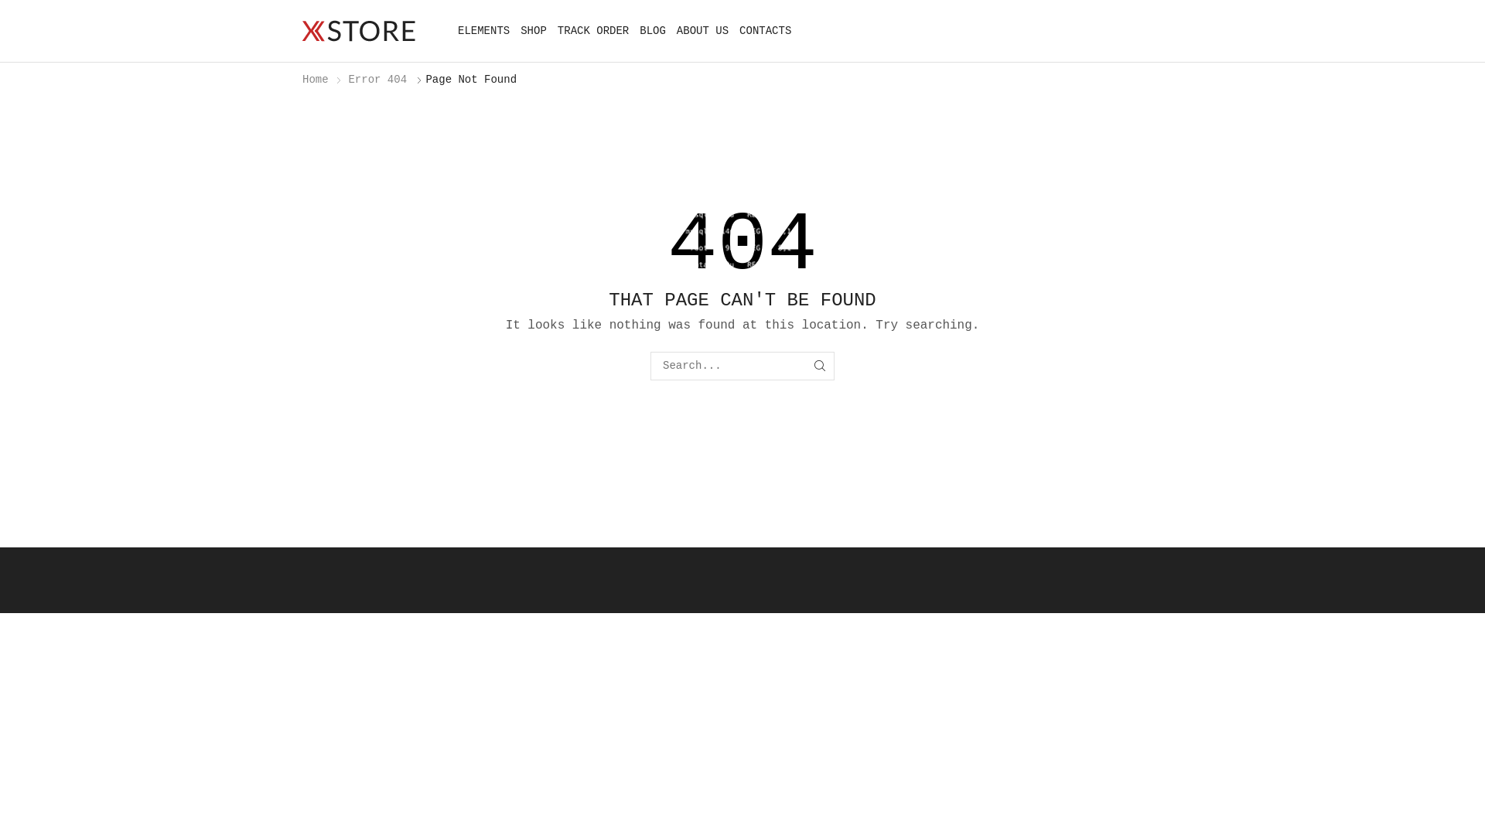  Describe the element at coordinates (819, 366) in the screenshot. I see `'SEARCH'` at that location.